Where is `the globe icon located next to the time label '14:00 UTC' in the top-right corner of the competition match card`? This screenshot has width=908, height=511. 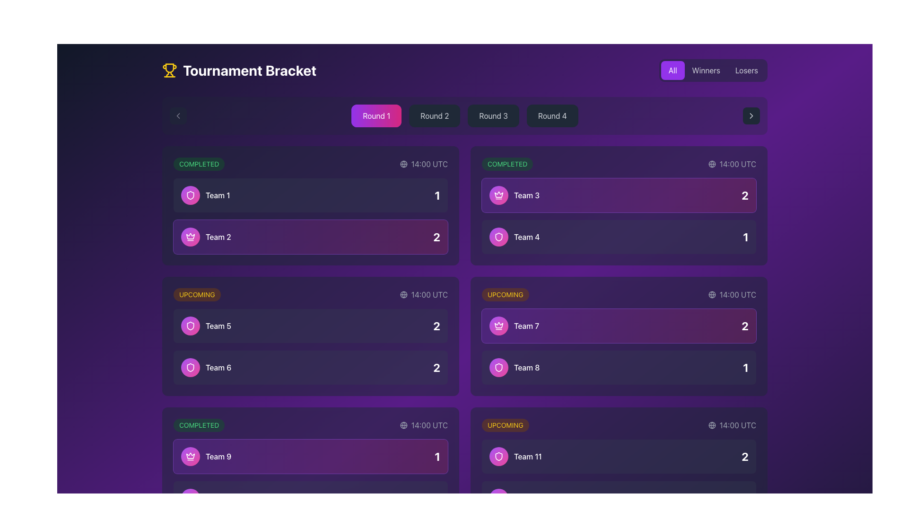
the globe icon located next to the time label '14:00 UTC' in the top-right corner of the competition match card is located at coordinates (712, 294).